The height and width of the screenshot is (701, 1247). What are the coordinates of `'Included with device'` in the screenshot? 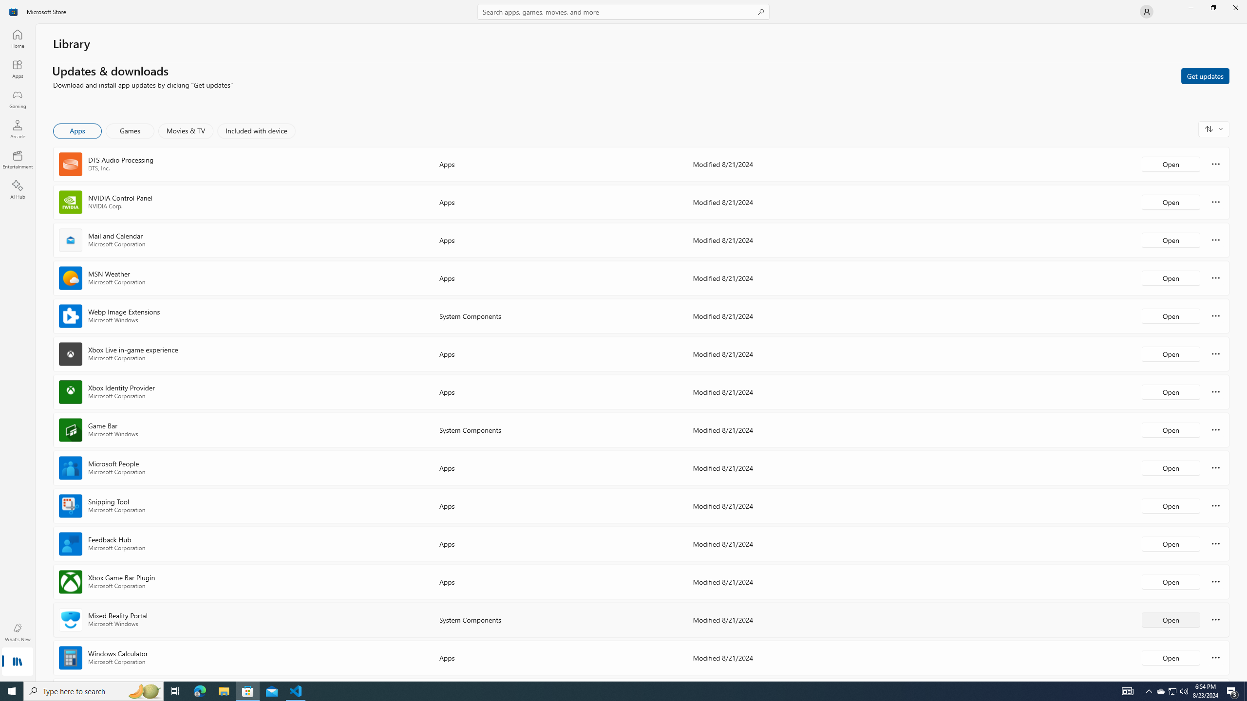 It's located at (256, 130).